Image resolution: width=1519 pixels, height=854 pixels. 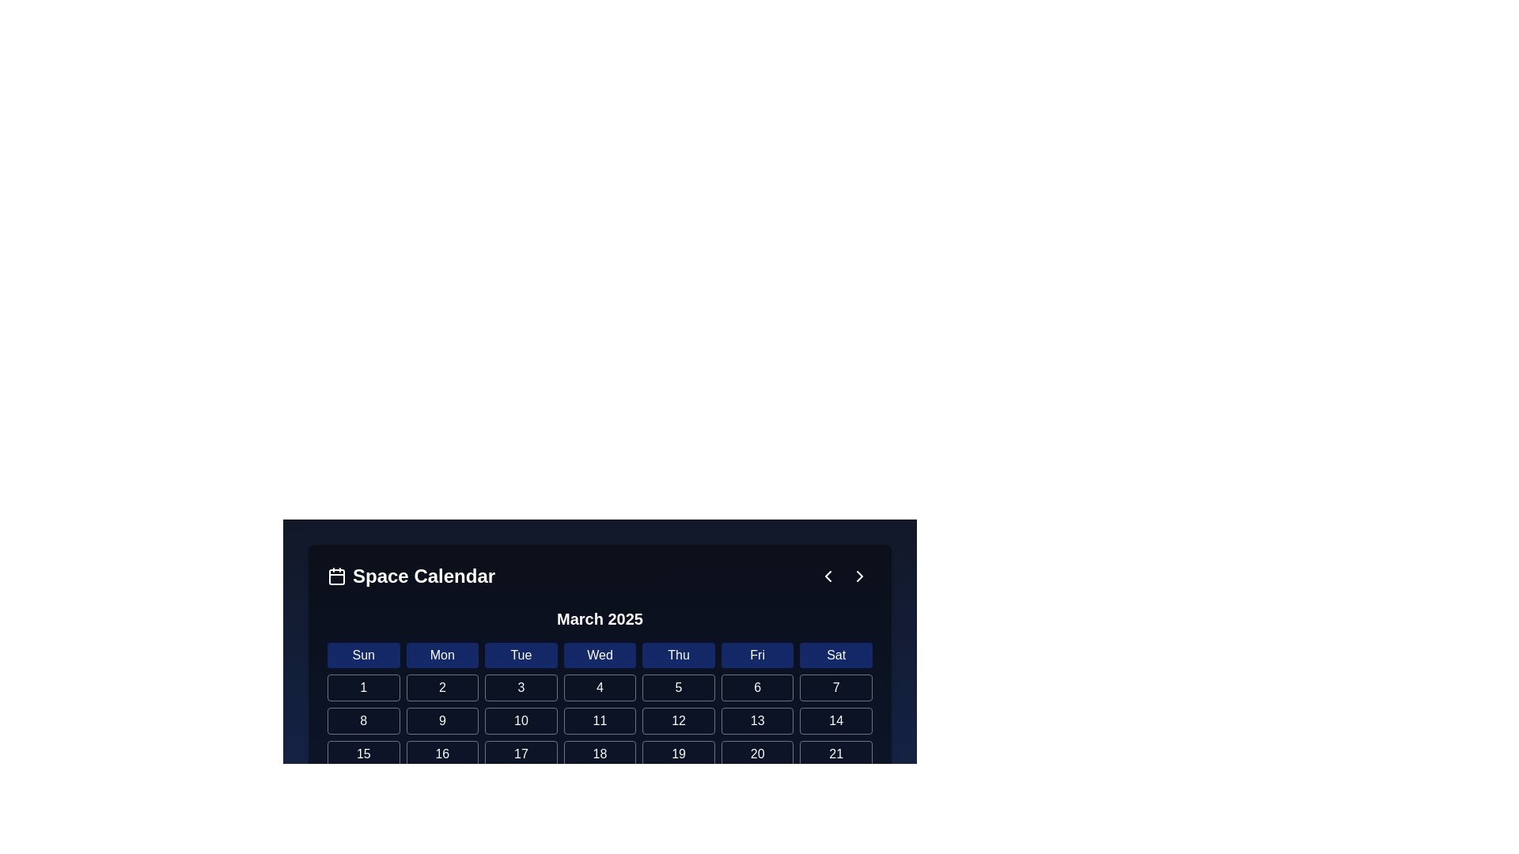 I want to click on the calendar date cell containing the text '21' in the Saturday column of the fourth row for March 2025 to trigger a tooltip or highlight, so click(x=835, y=753).